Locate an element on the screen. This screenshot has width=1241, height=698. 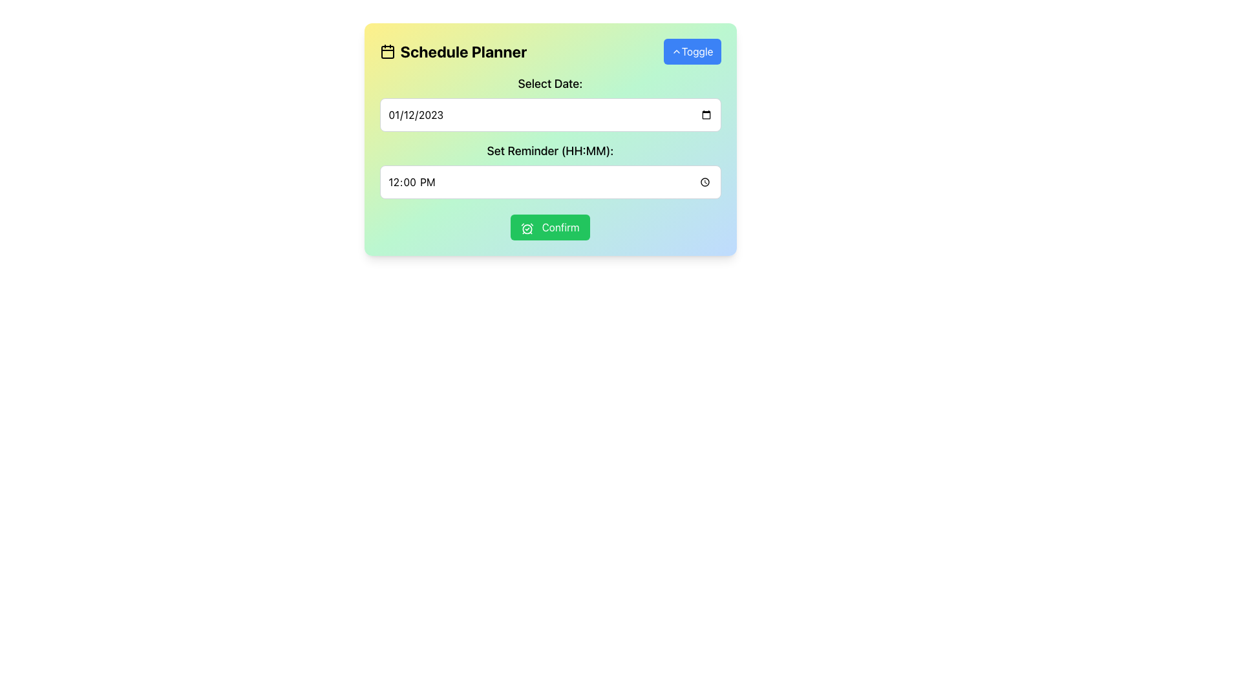
the confirmation button located centrally below the form inputs for date and time is located at coordinates (550, 226).